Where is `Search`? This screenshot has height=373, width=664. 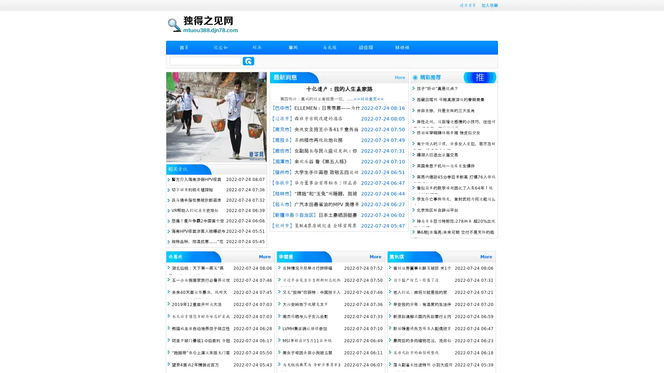 Search is located at coordinates (248, 61).